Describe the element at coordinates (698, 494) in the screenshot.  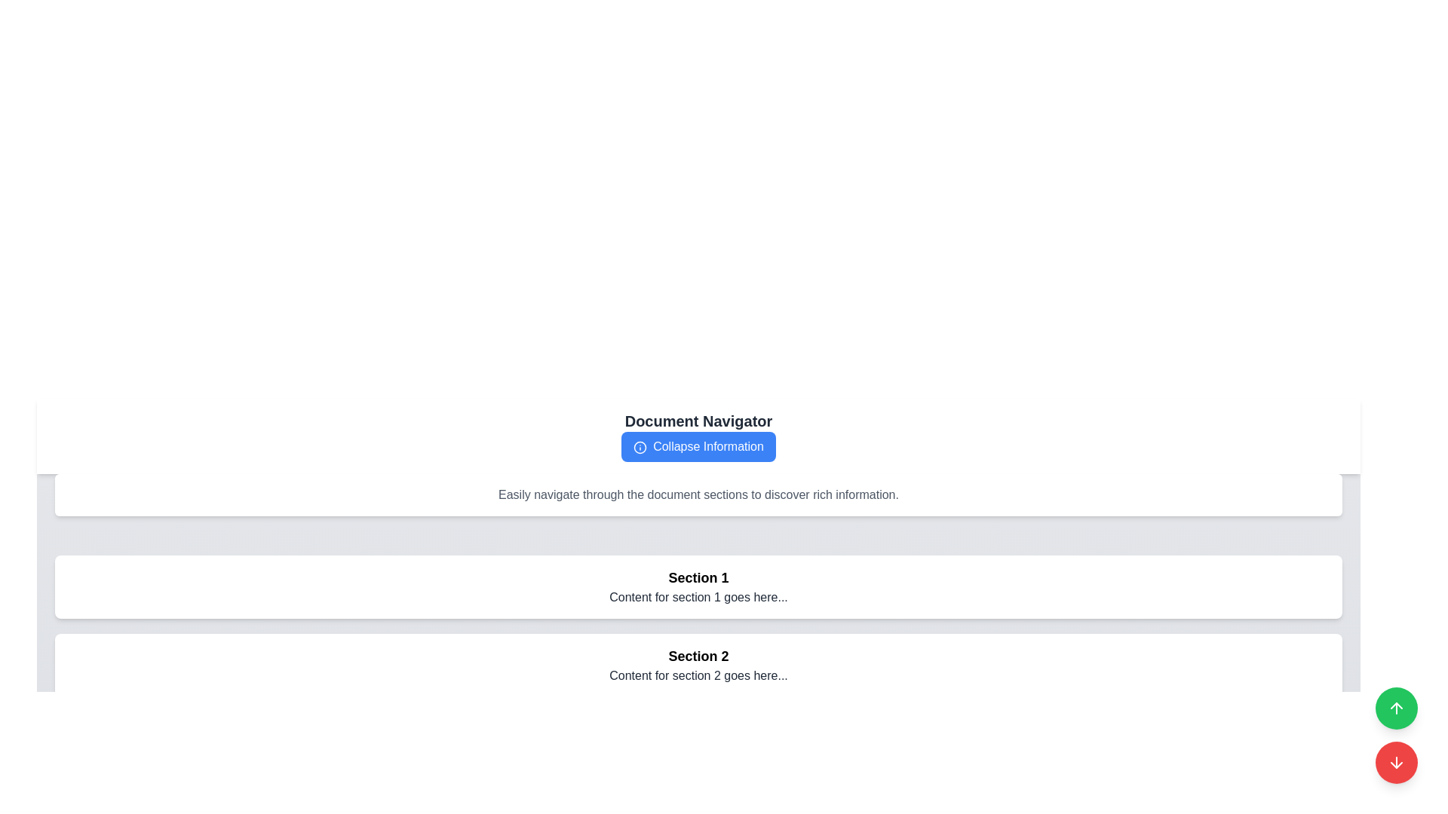
I see `the text label that guides users regarding the document navigation feature, positioned below the 'Document Navigator' heading` at that location.